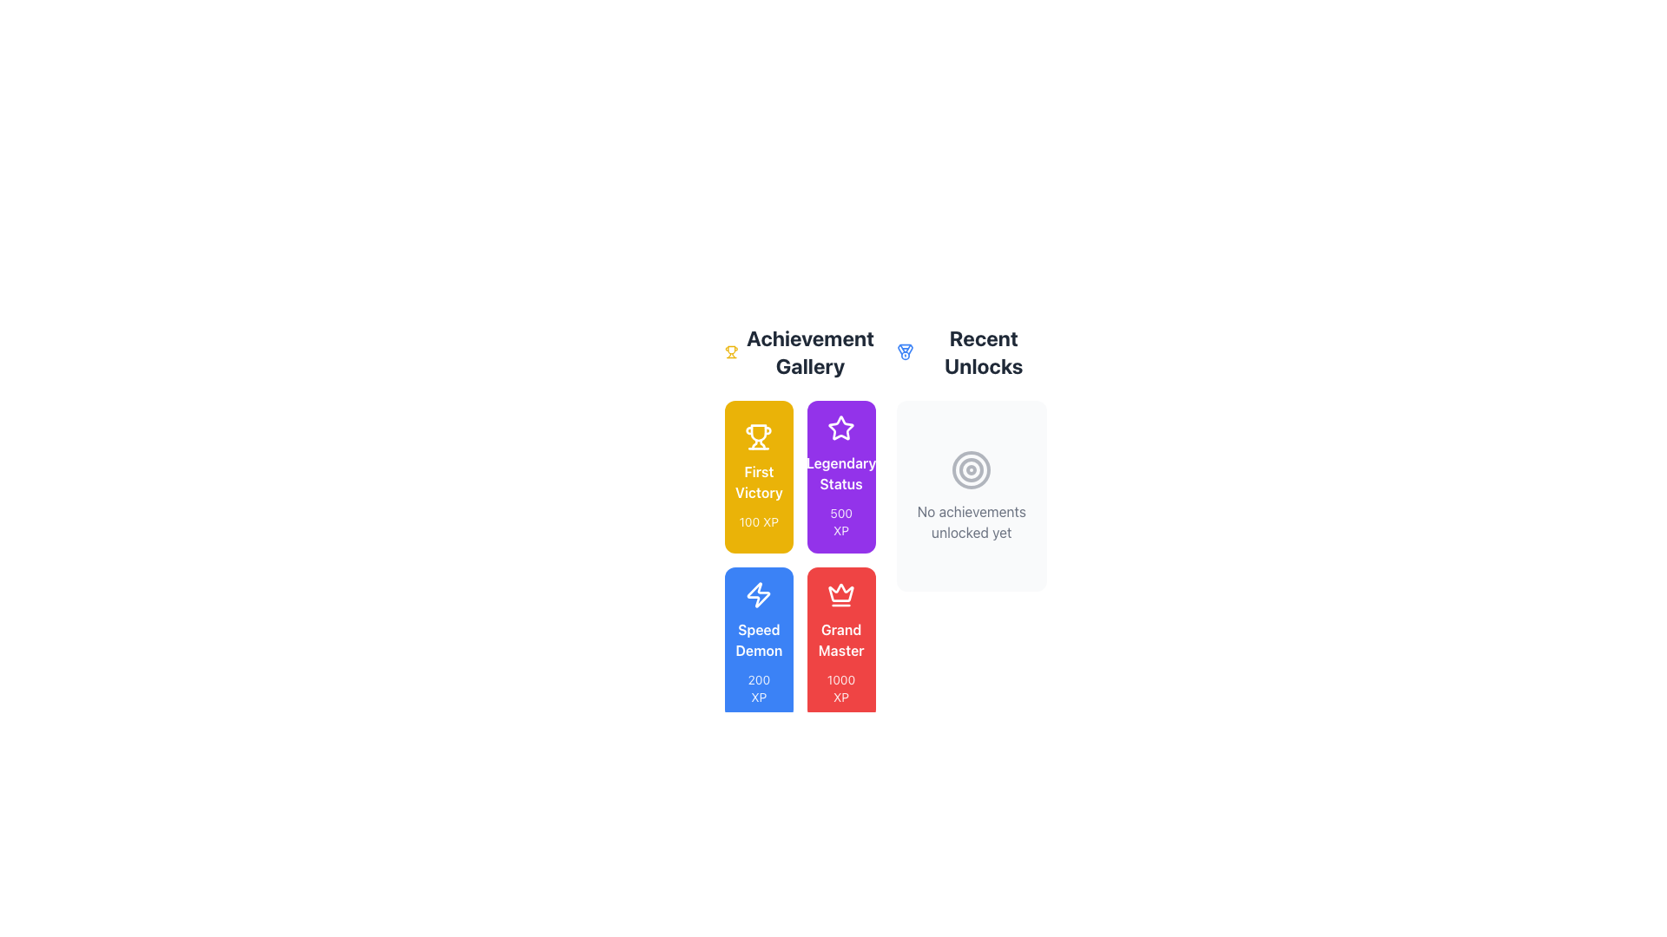 The height and width of the screenshot is (937, 1667). What do you see at coordinates (759, 594) in the screenshot?
I see `the lightning-shaped icon outlined in blue, which represents the 'Speed Demon' achievement in the Achievement Gallery` at bounding box center [759, 594].